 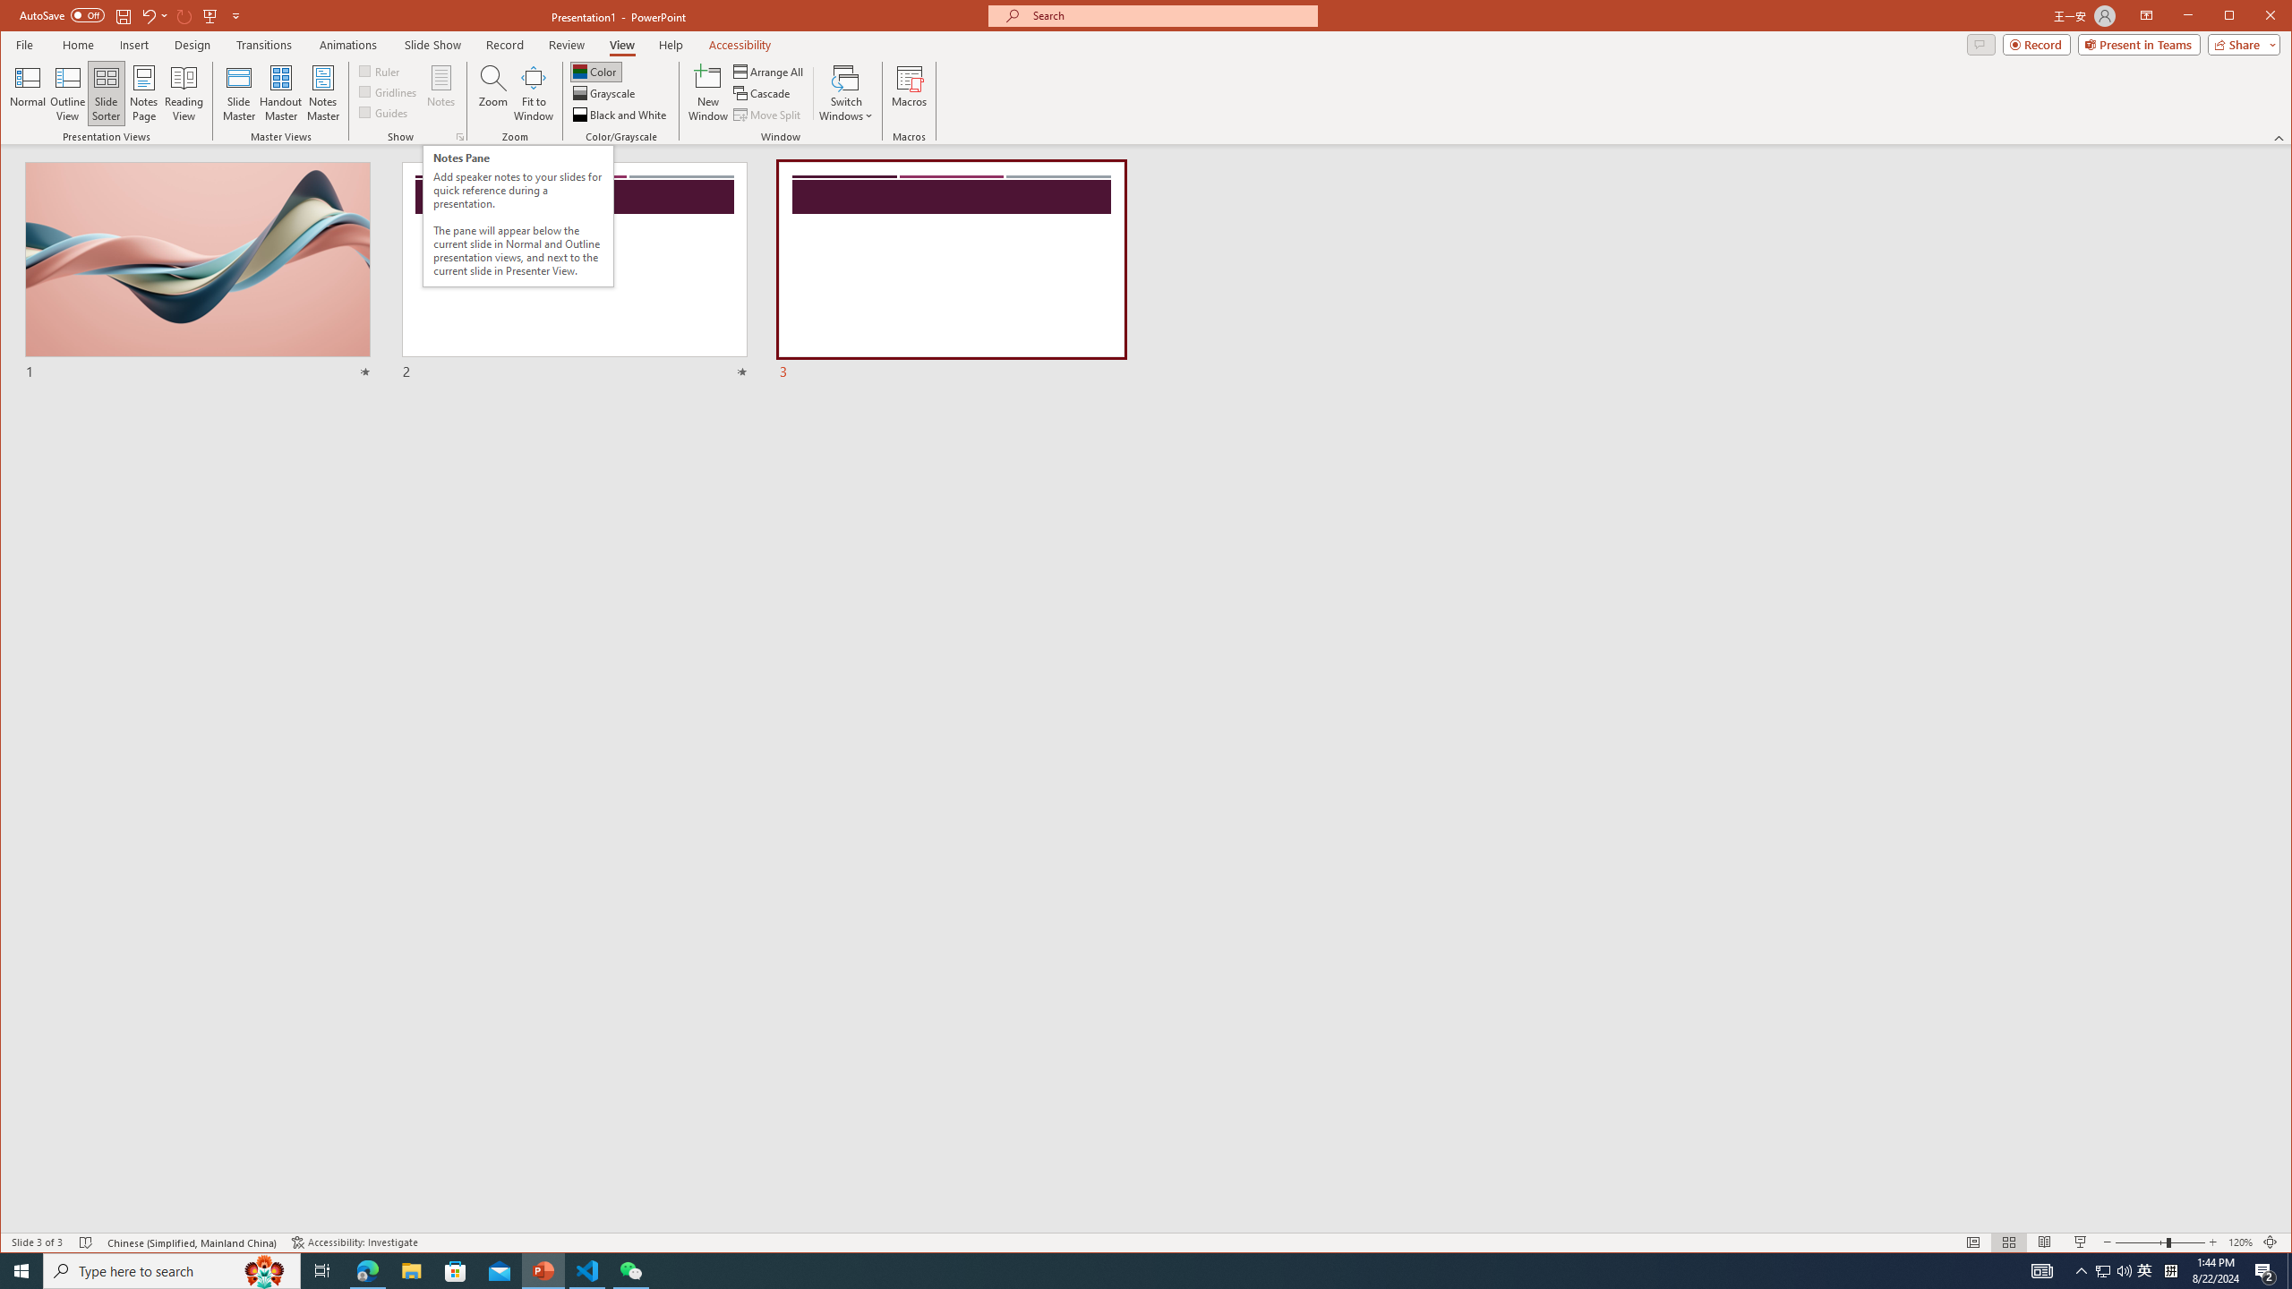 What do you see at coordinates (846, 92) in the screenshot?
I see `'Switch Windows'` at bounding box center [846, 92].